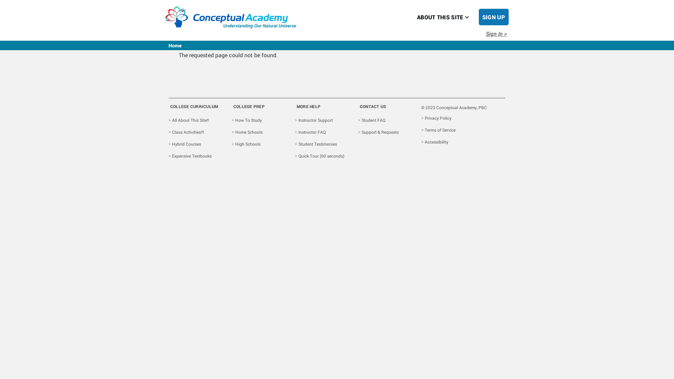  I want to click on 'Instructor FAQ', so click(298, 132).